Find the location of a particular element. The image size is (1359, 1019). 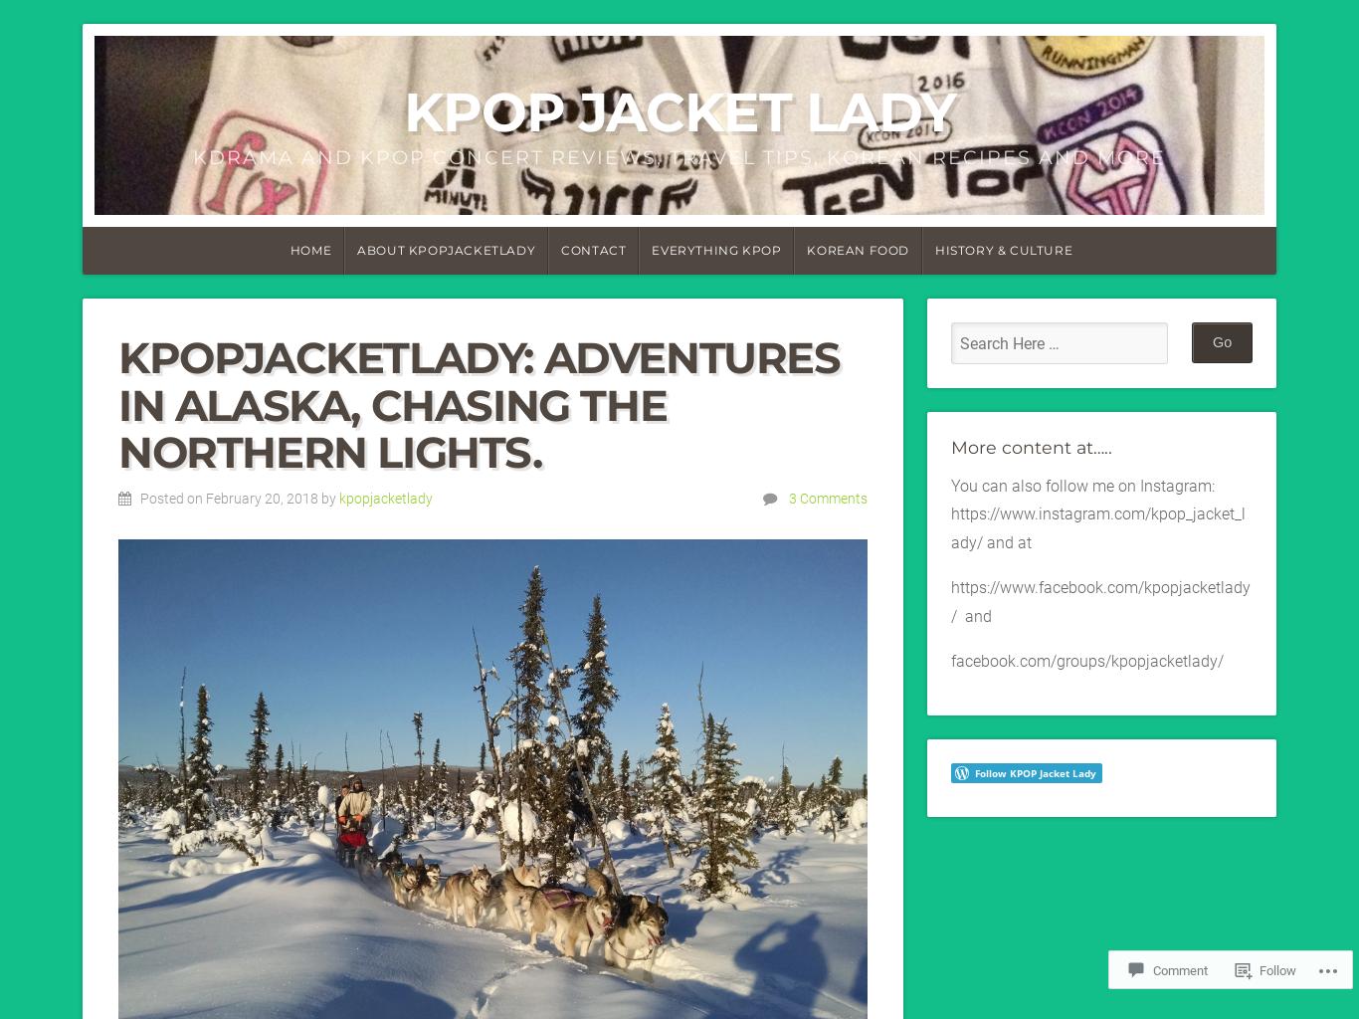

'Posted on February 20, 2018' is located at coordinates (229, 497).